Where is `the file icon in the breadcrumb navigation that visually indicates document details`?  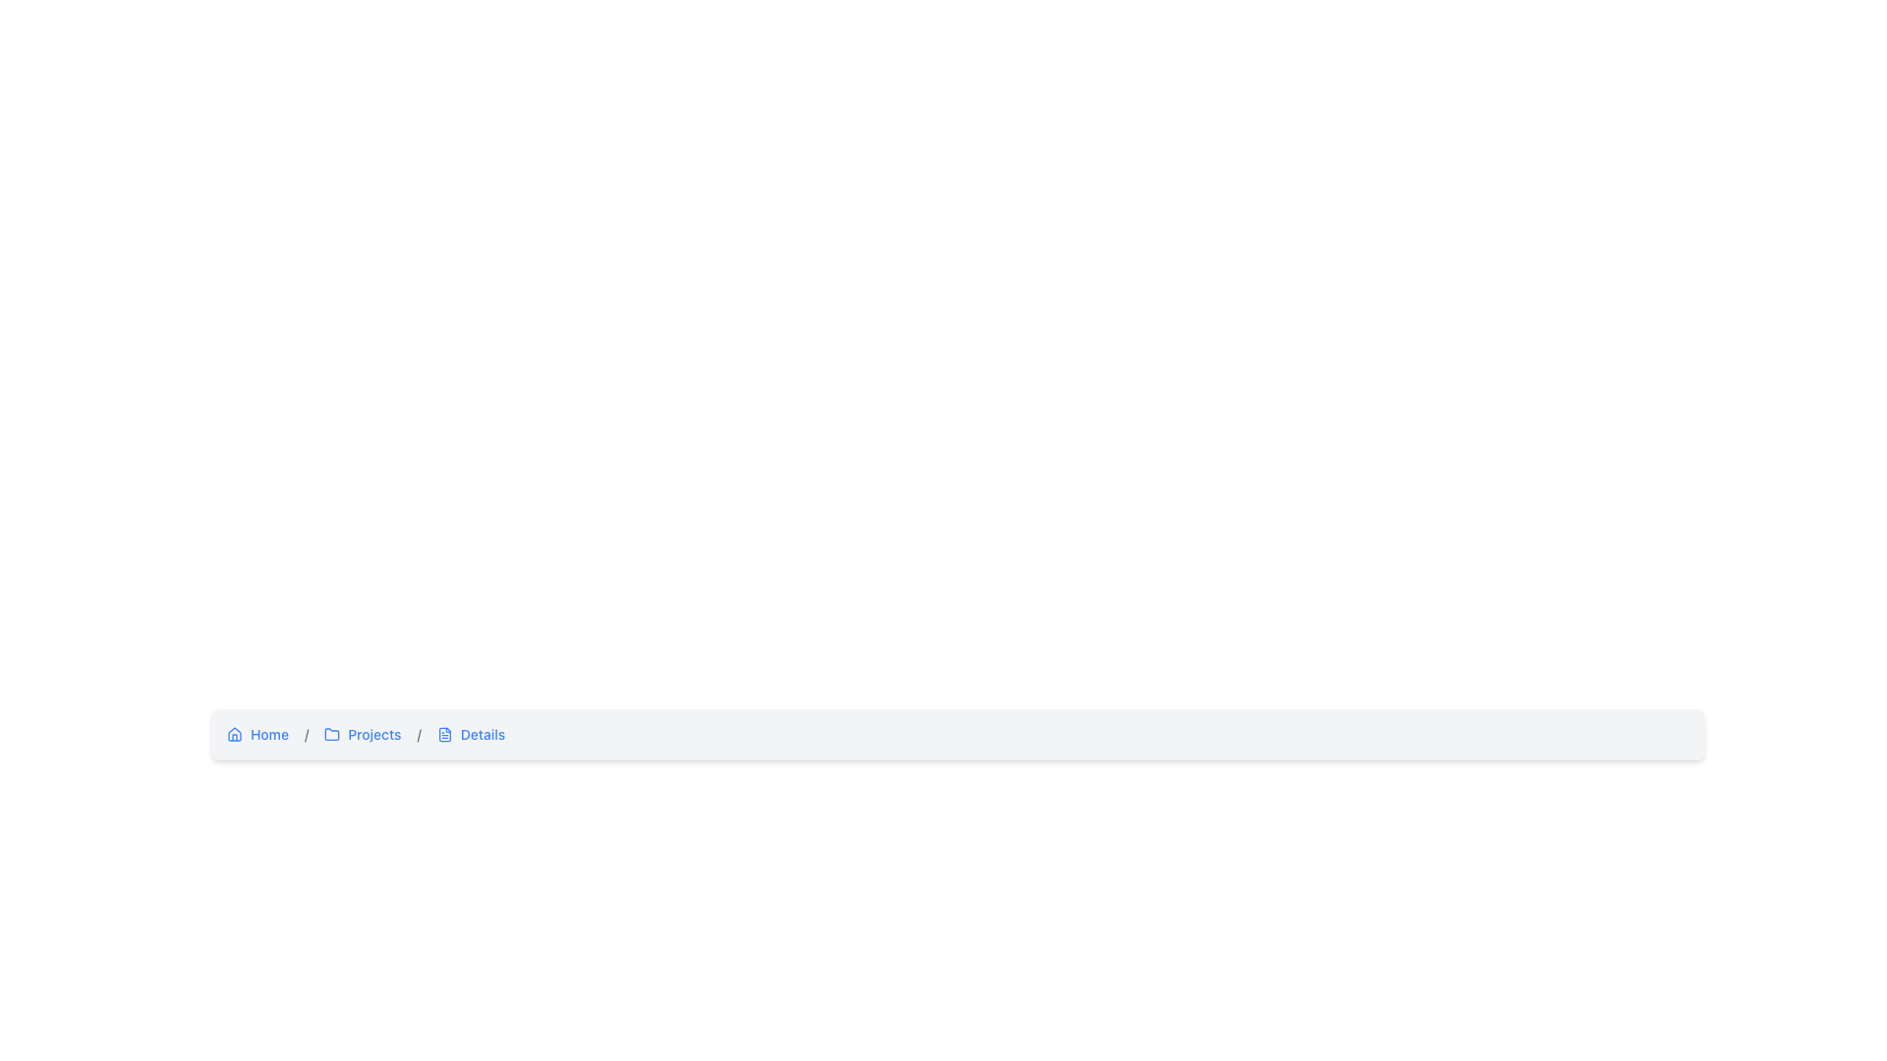 the file icon in the breadcrumb navigation that visually indicates document details is located at coordinates (443, 735).